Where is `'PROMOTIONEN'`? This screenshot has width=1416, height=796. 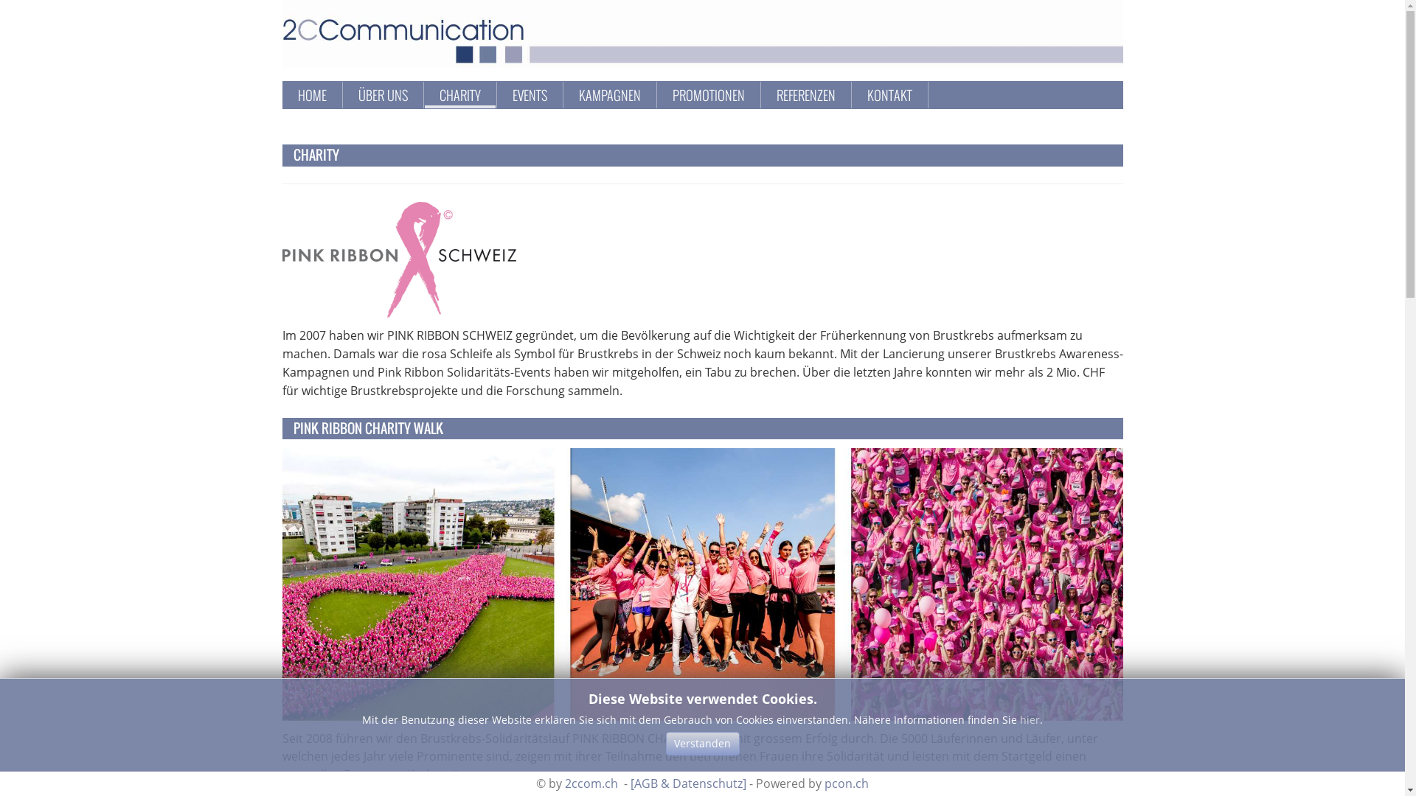 'PROMOTIONEN' is located at coordinates (708, 94).